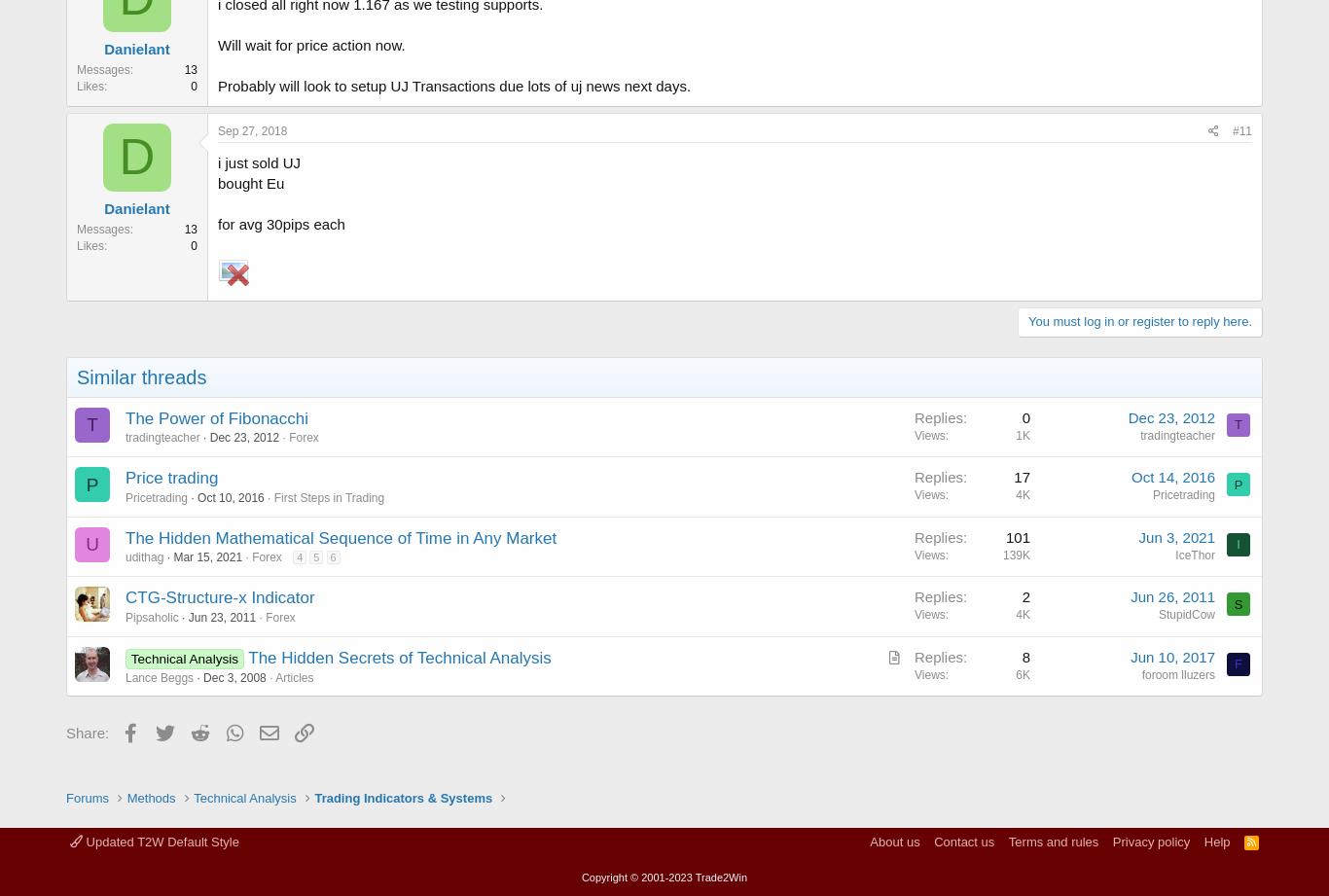  What do you see at coordinates (88, 797) in the screenshot?
I see `'Forums'` at bounding box center [88, 797].